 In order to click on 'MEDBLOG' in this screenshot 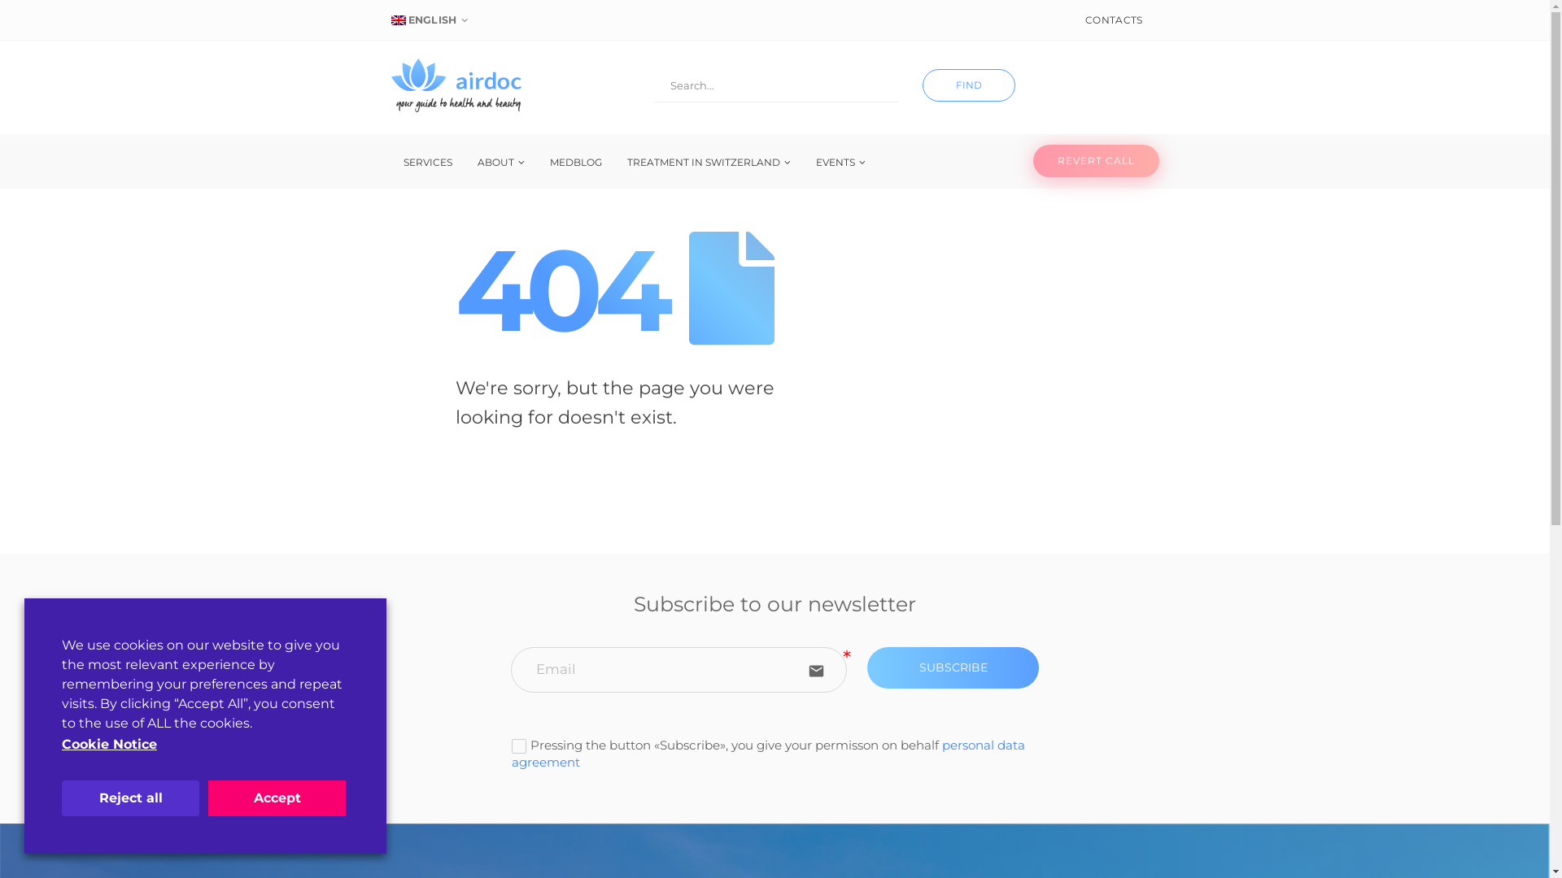, I will do `click(574, 163)`.